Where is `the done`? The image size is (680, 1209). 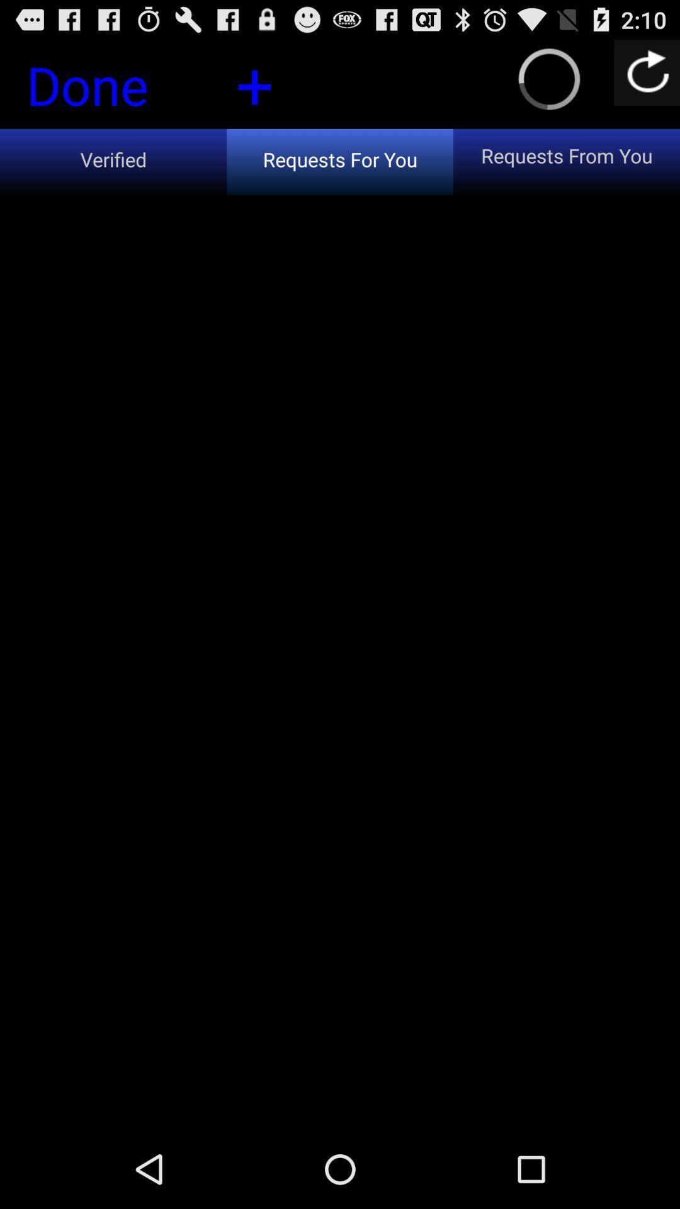
the done is located at coordinates (108, 88).